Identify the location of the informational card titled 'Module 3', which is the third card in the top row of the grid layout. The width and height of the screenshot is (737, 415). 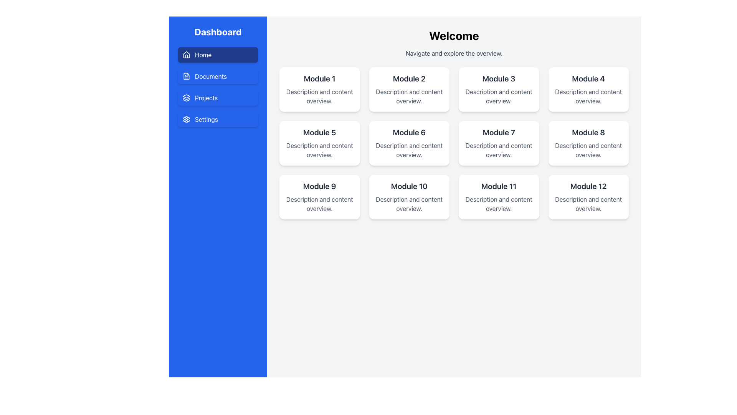
(499, 89).